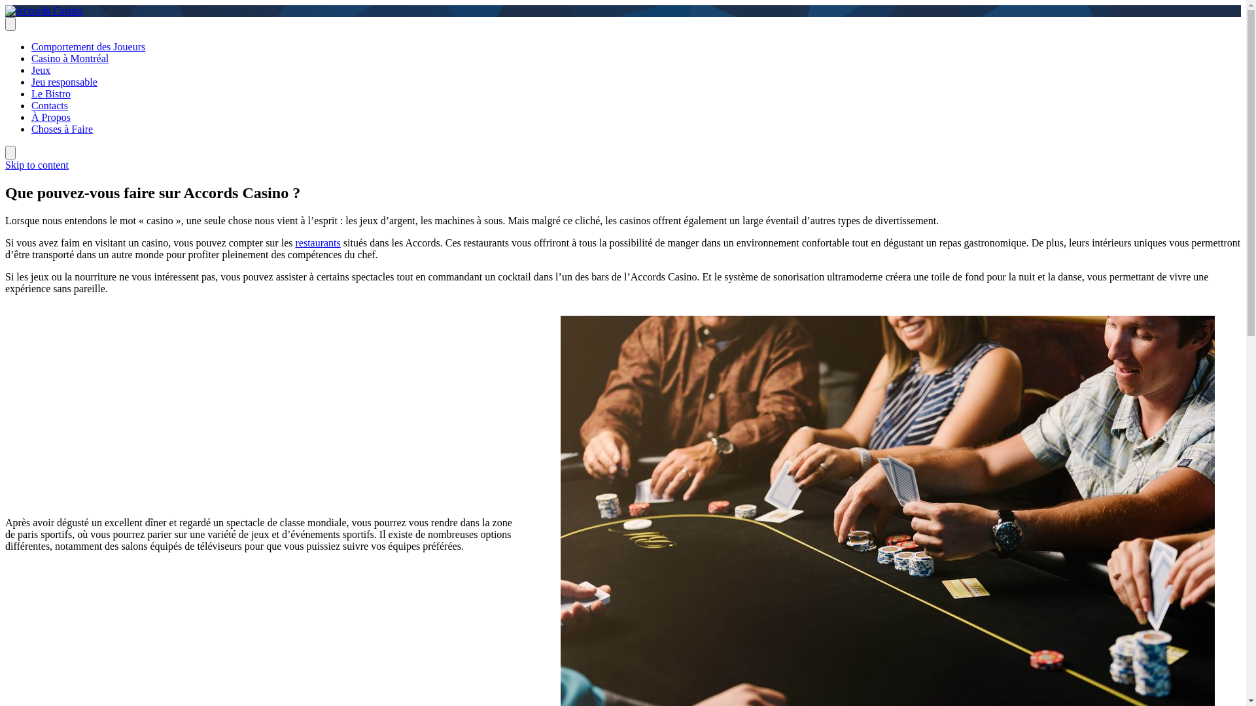 This screenshot has height=706, width=1256. Describe the element at coordinates (50, 93) in the screenshot. I see `'Le Bistro'` at that location.